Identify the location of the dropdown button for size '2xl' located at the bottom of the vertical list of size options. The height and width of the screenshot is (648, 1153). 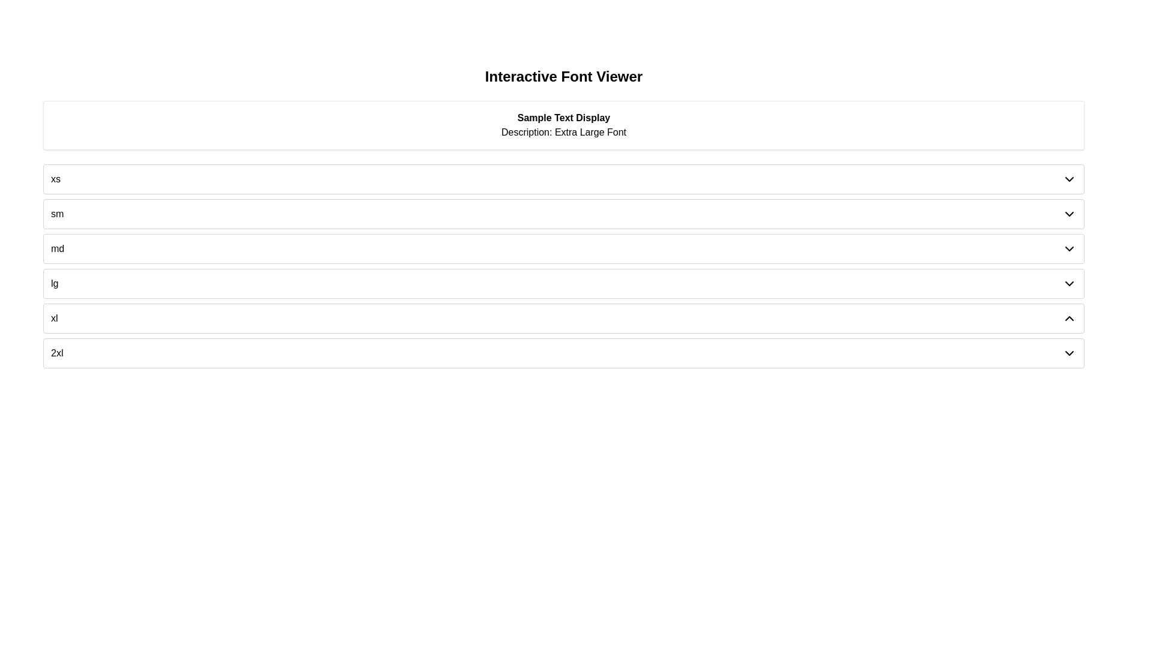
(563, 353).